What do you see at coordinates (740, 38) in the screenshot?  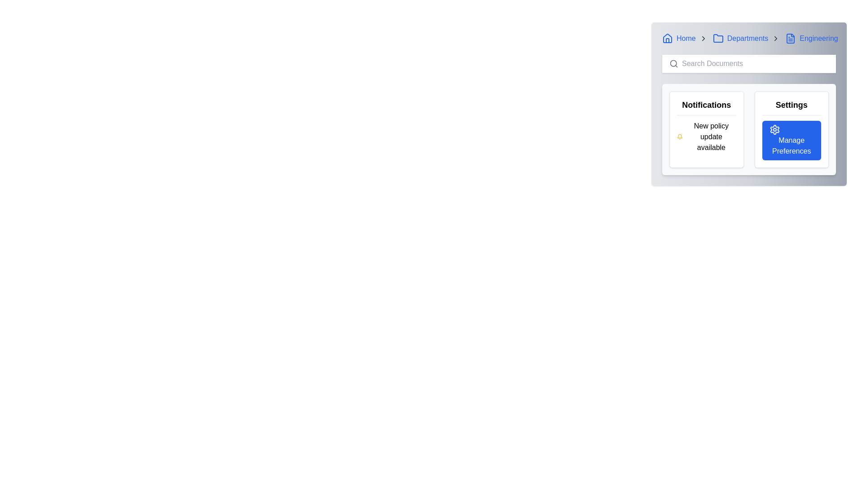 I see `the 'Departments' hyperlink located in the navigation breadcrumb bar, which is the second clickable element between 'Home' and 'Engineering' links` at bounding box center [740, 38].